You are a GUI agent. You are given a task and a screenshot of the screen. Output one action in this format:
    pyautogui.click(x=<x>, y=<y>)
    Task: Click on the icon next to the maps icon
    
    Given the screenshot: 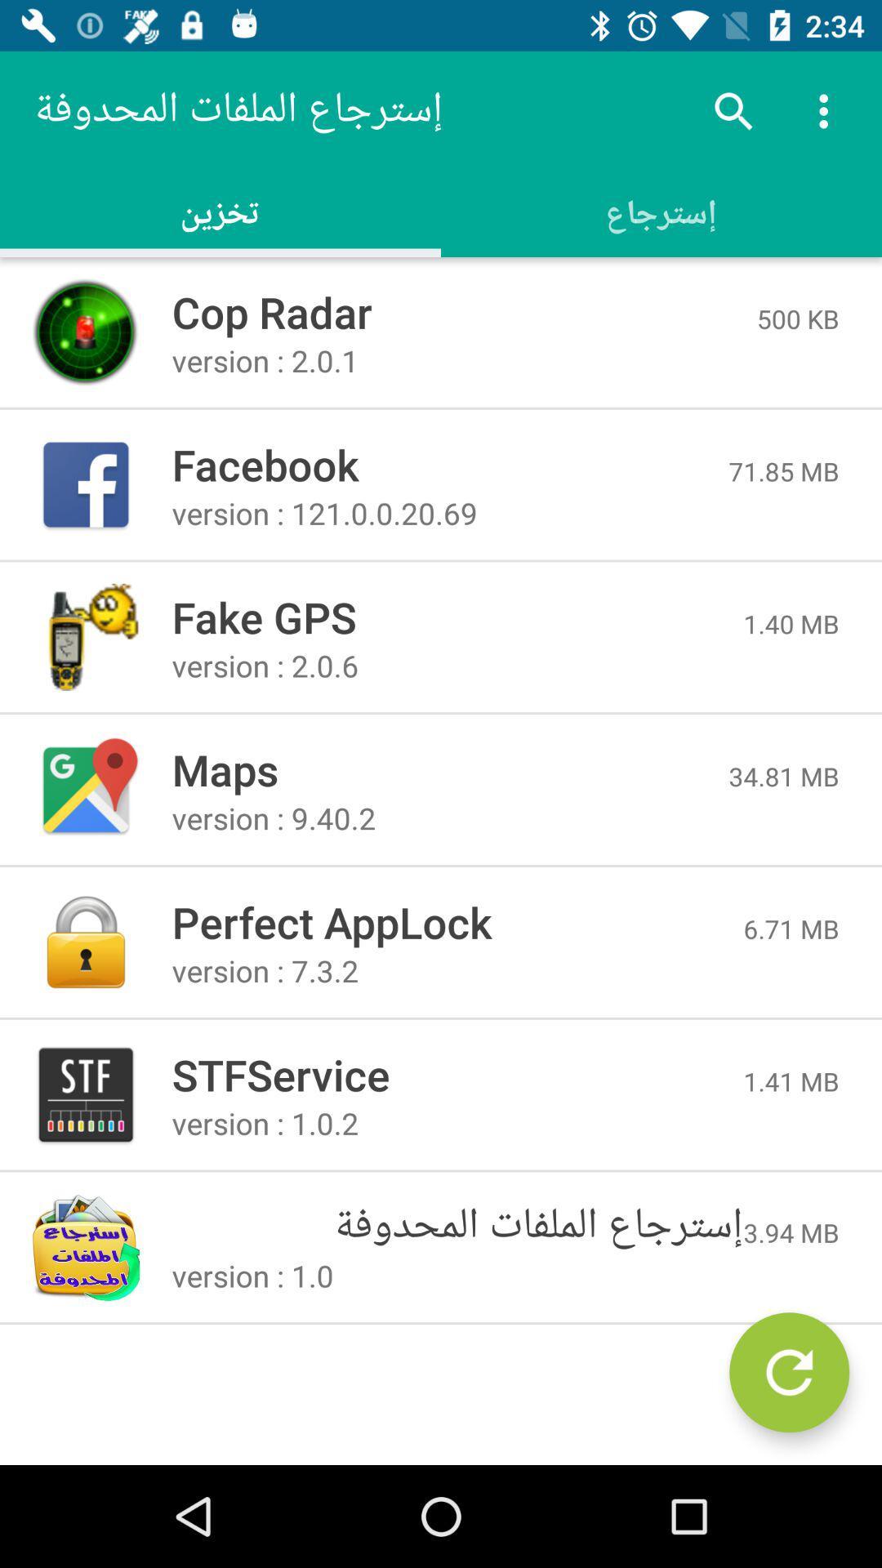 What is the action you would take?
    pyautogui.click(x=783, y=775)
    